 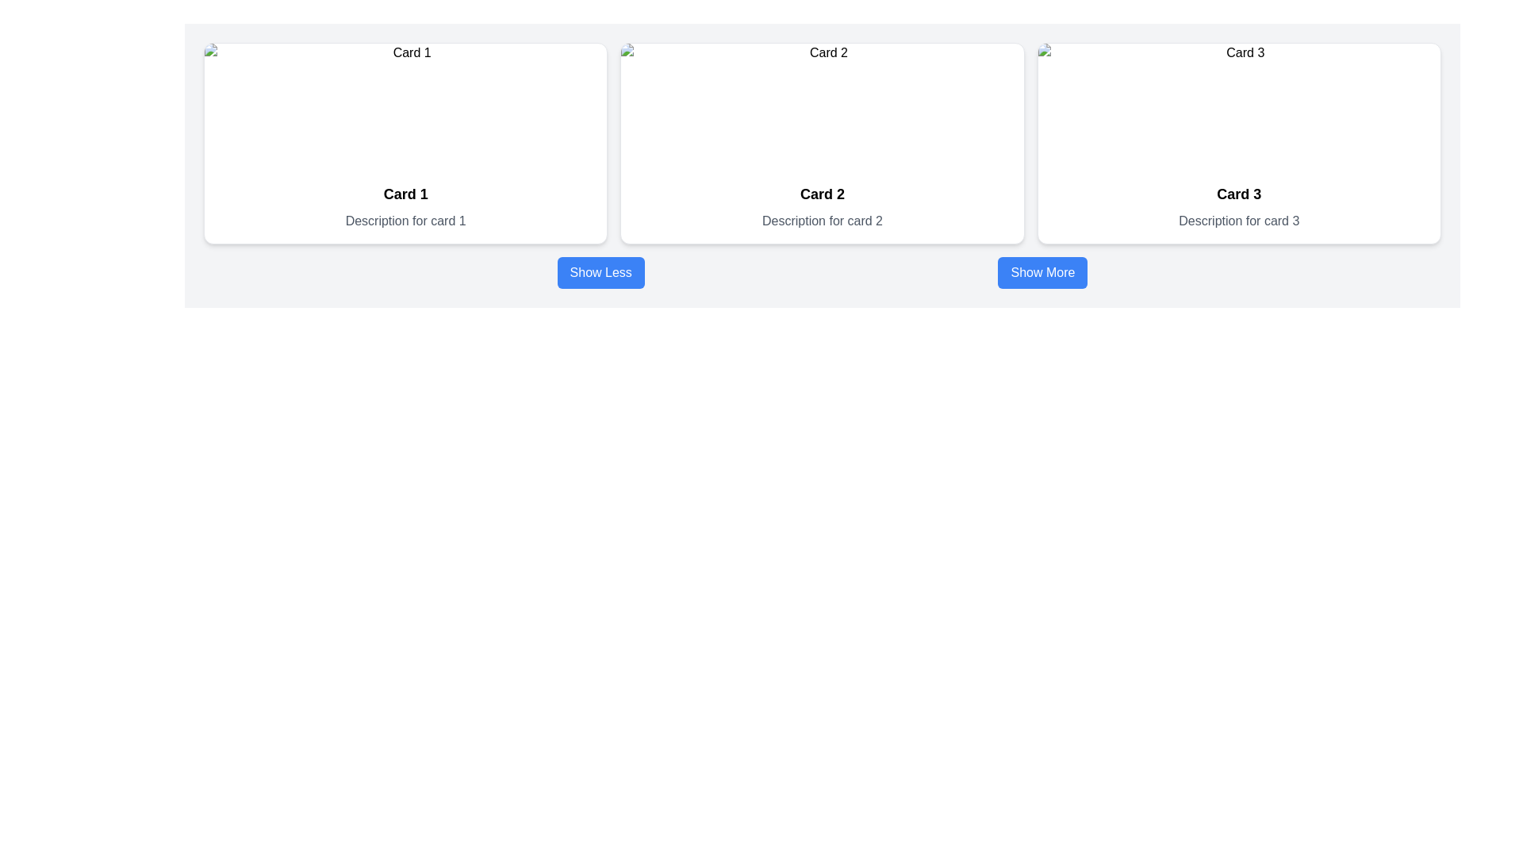 What do you see at coordinates (1238, 221) in the screenshot?
I see `the descriptive text display located below the title 'Card 3' in the third card of the series` at bounding box center [1238, 221].